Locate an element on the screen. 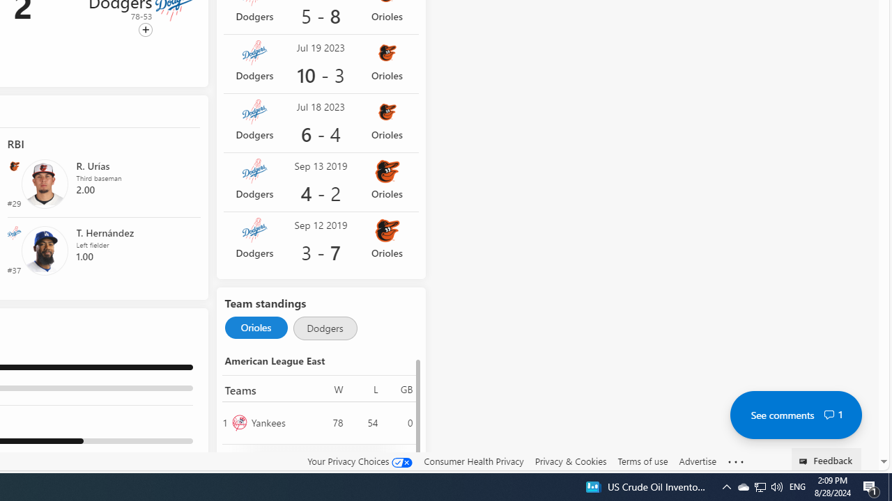 The image size is (892, 501). 'Consumer Health Privacy' is located at coordinates (474, 461).